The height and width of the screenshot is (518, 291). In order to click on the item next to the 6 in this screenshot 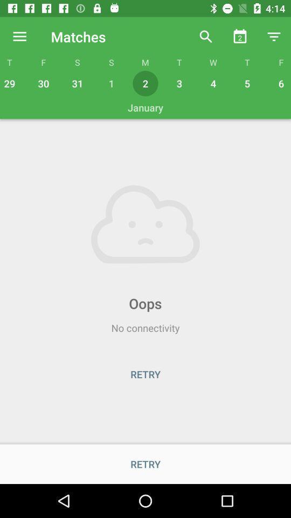, I will do `click(247, 83)`.